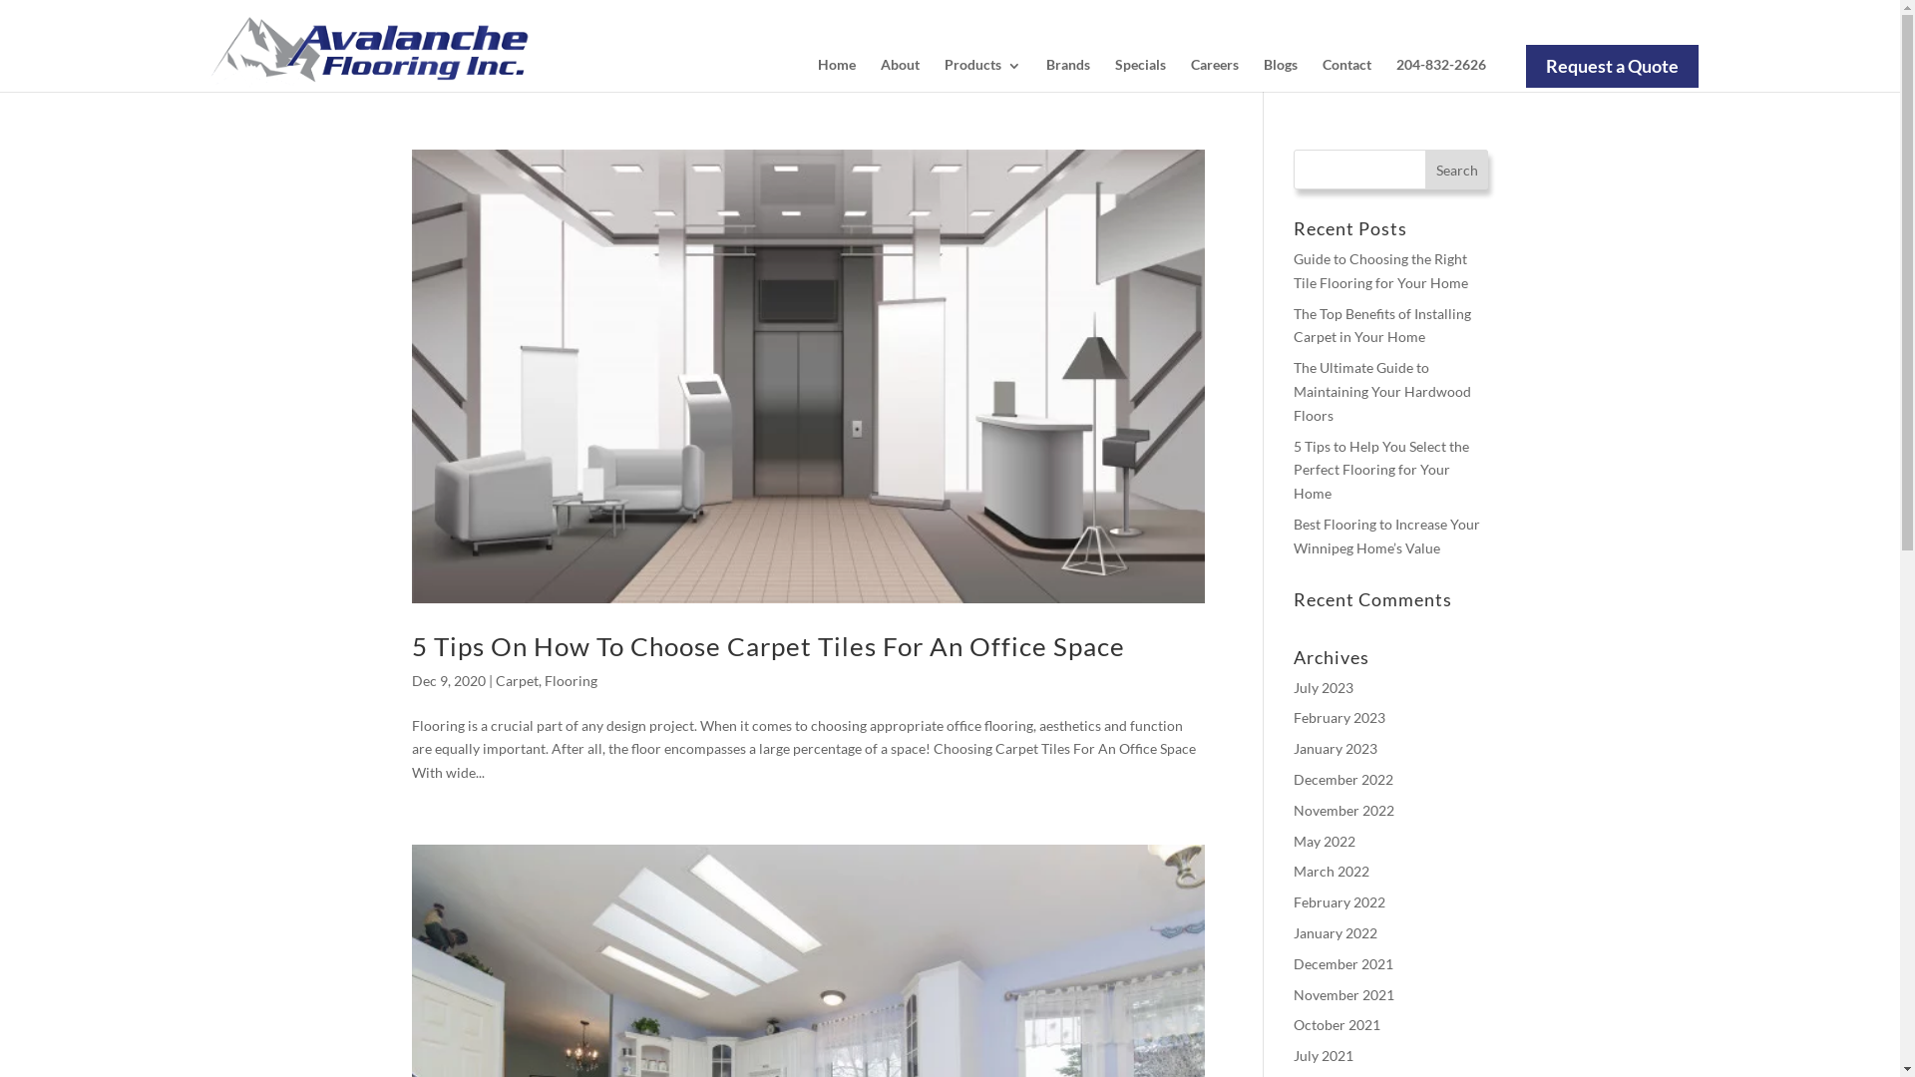 The width and height of the screenshot is (1915, 1077). Describe the element at coordinates (1066, 67) in the screenshot. I see `'Brands'` at that location.